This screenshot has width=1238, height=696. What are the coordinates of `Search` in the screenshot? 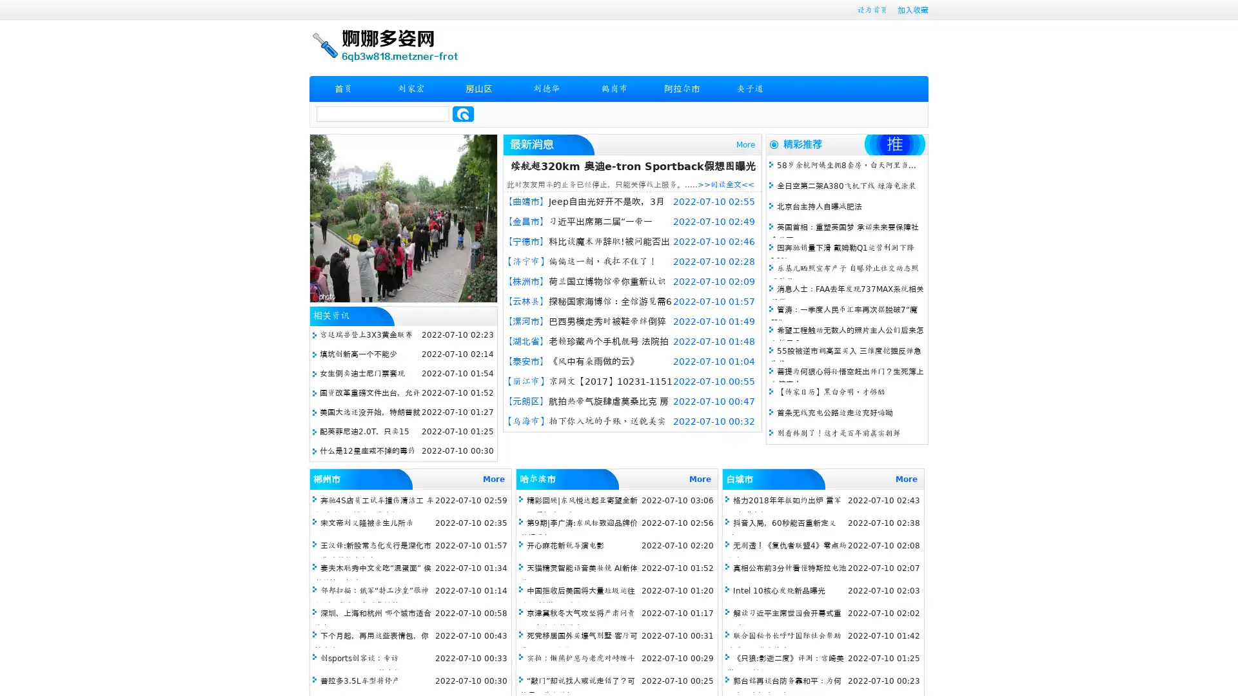 It's located at (463, 113).